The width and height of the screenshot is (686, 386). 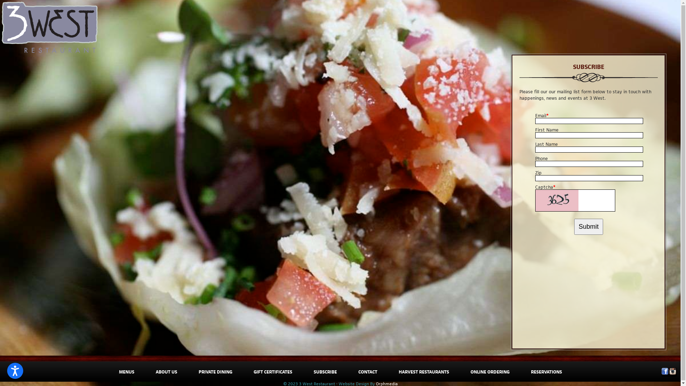 What do you see at coordinates (665, 373) in the screenshot?
I see `'Facebook'` at bounding box center [665, 373].